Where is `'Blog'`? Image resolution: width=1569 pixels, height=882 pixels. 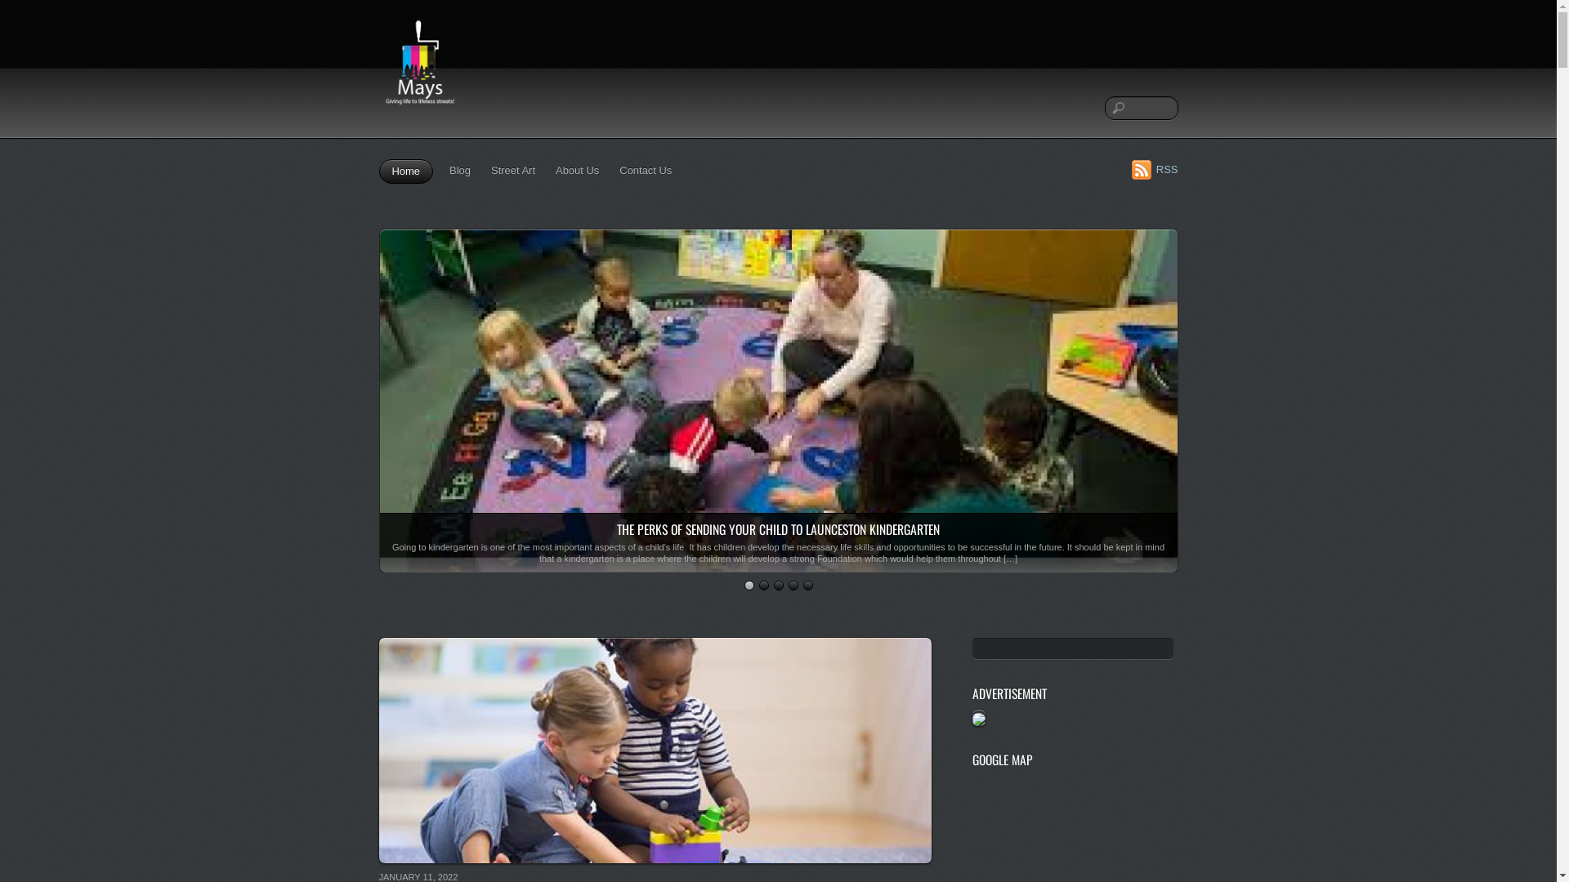
'Blog' is located at coordinates (445, 170).